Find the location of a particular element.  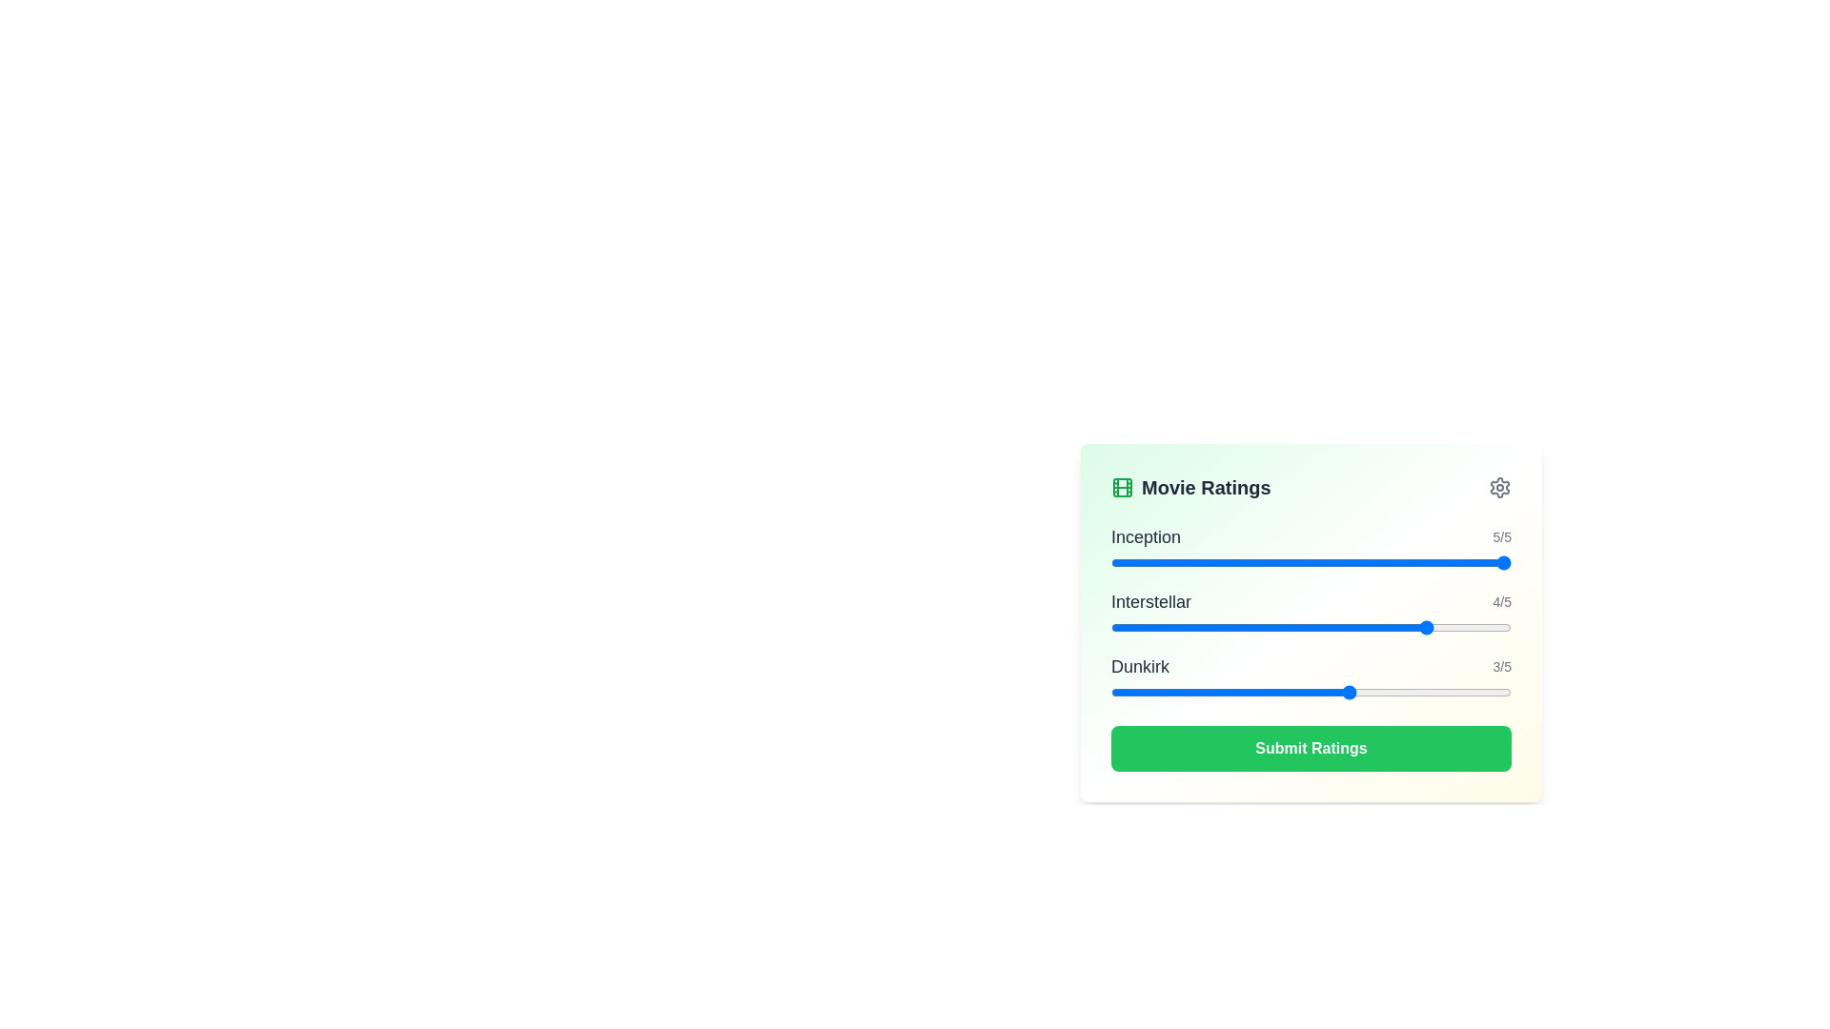

the rating for Dunkirk is located at coordinates (1189, 692).